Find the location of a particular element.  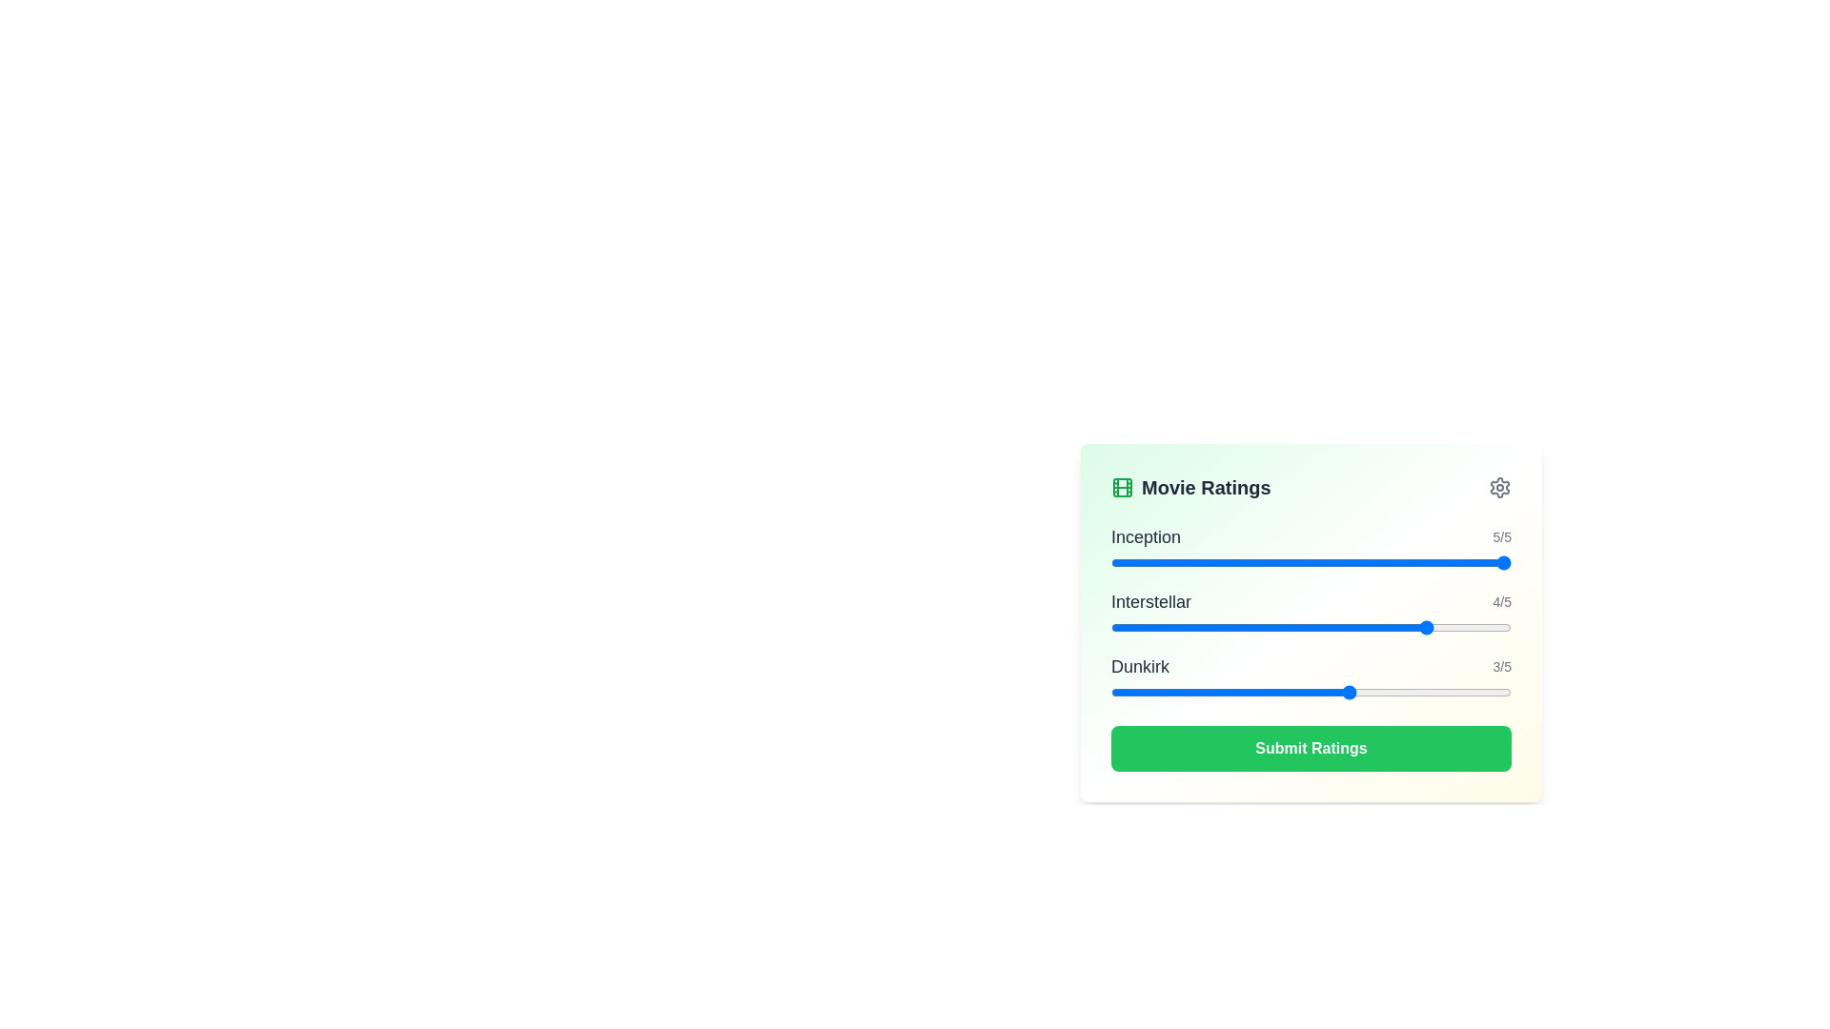

the rating for Dunkirk is located at coordinates (1189, 692).